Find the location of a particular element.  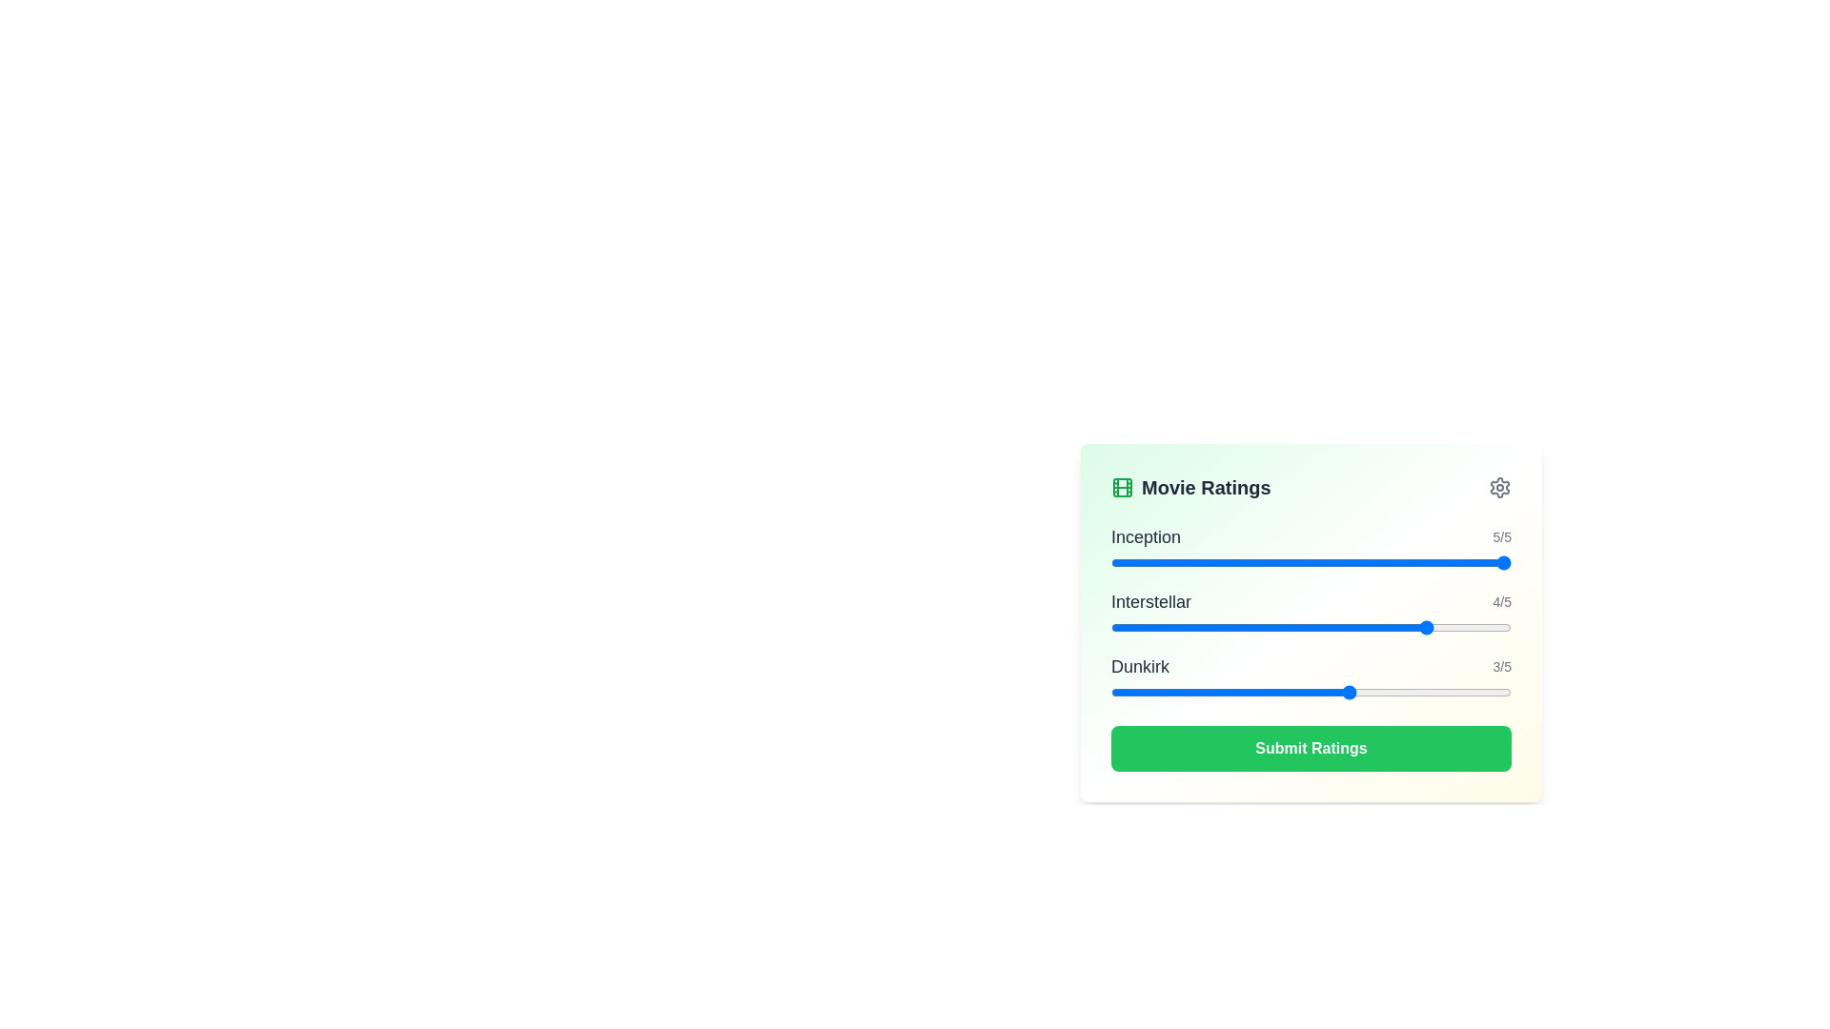

the rating for Dunkirk is located at coordinates (1189, 692).